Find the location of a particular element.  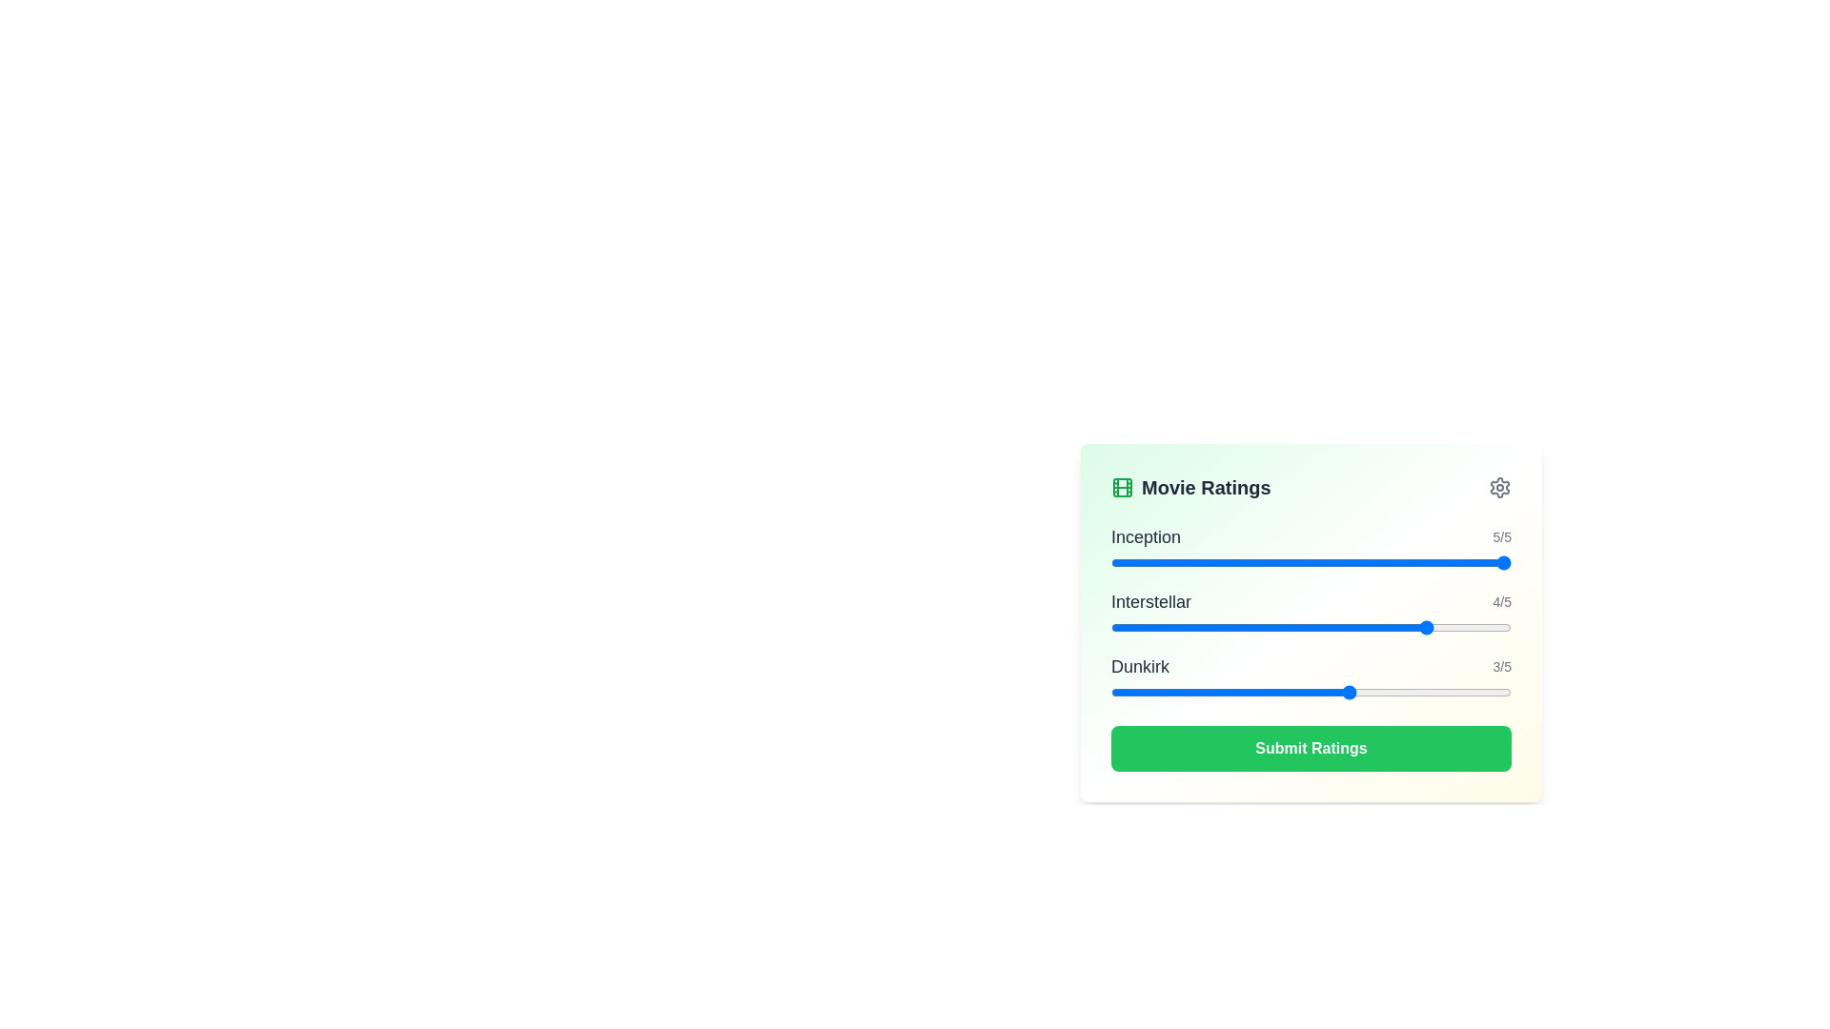

the rating for Dunkirk is located at coordinates (1189, 692).